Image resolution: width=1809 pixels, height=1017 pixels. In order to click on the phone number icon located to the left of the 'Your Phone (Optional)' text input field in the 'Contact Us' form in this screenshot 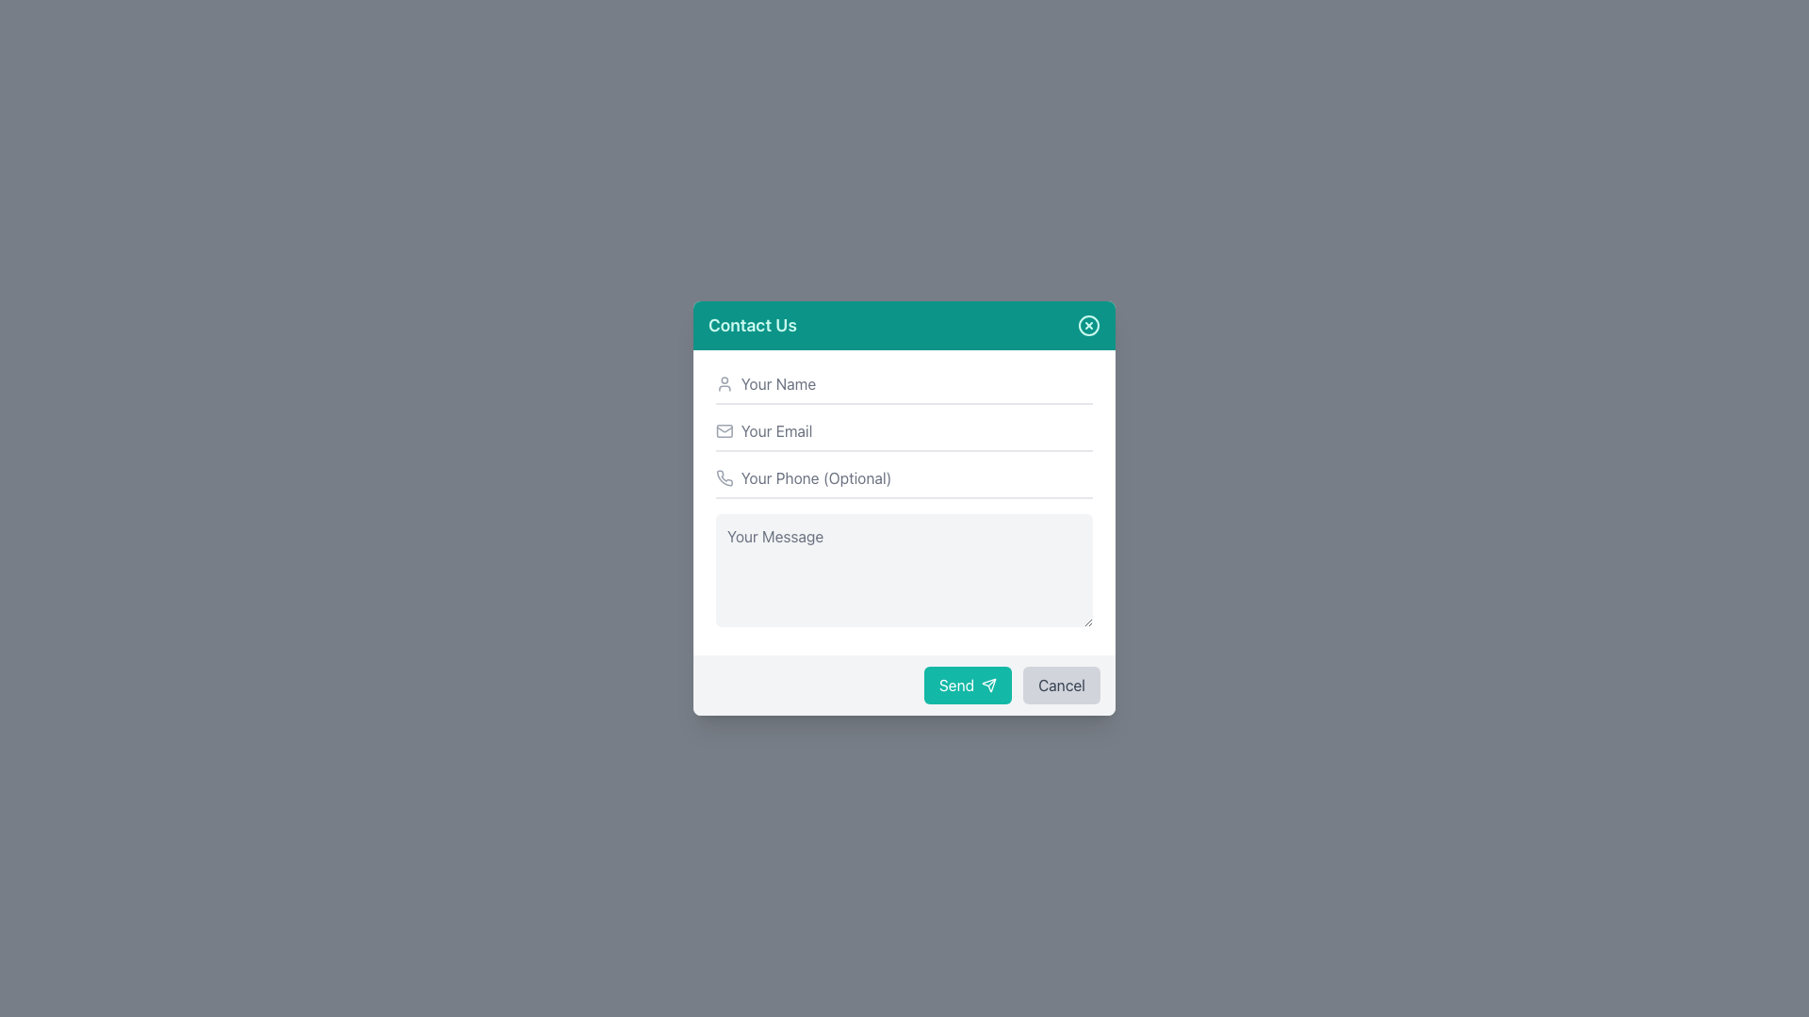, I will do `click(724, 476)`.